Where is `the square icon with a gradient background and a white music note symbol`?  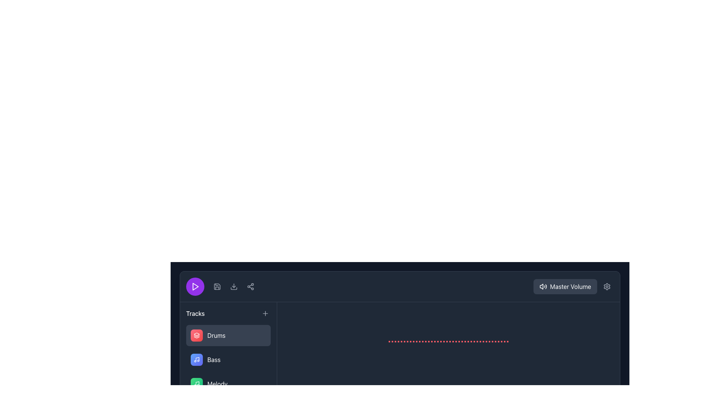
the square icon with a gradient background and a white music note symbol is located at coordinates (196, 359).